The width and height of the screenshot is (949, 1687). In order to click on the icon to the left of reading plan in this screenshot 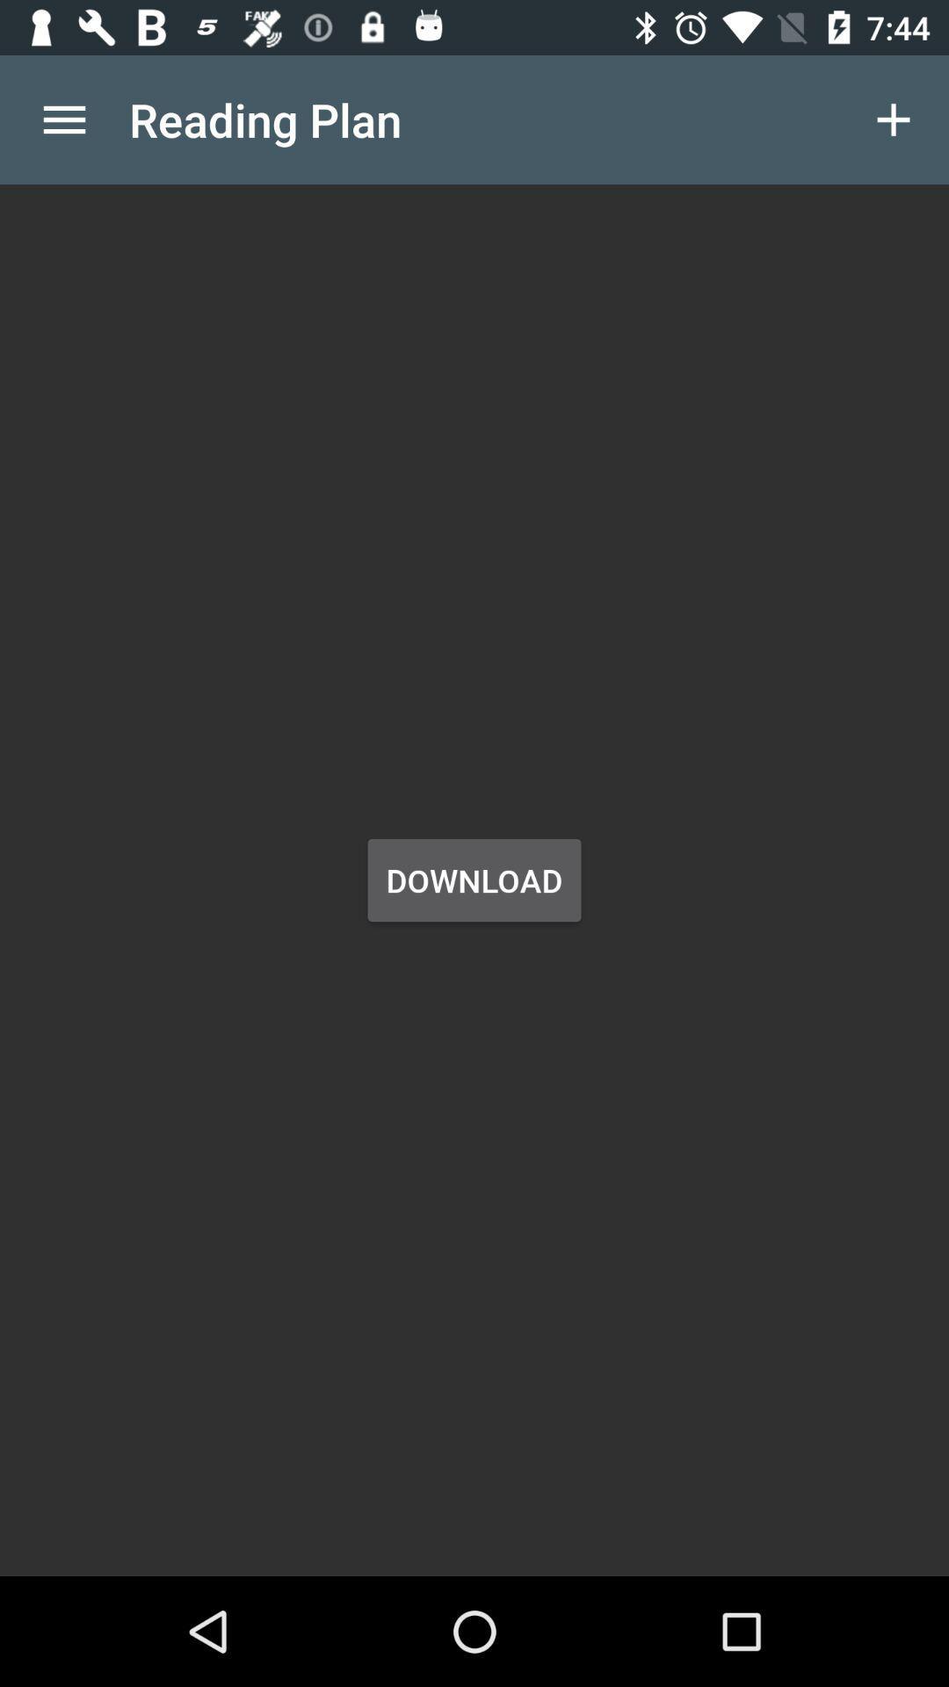, I will do `click(63, 119)`.